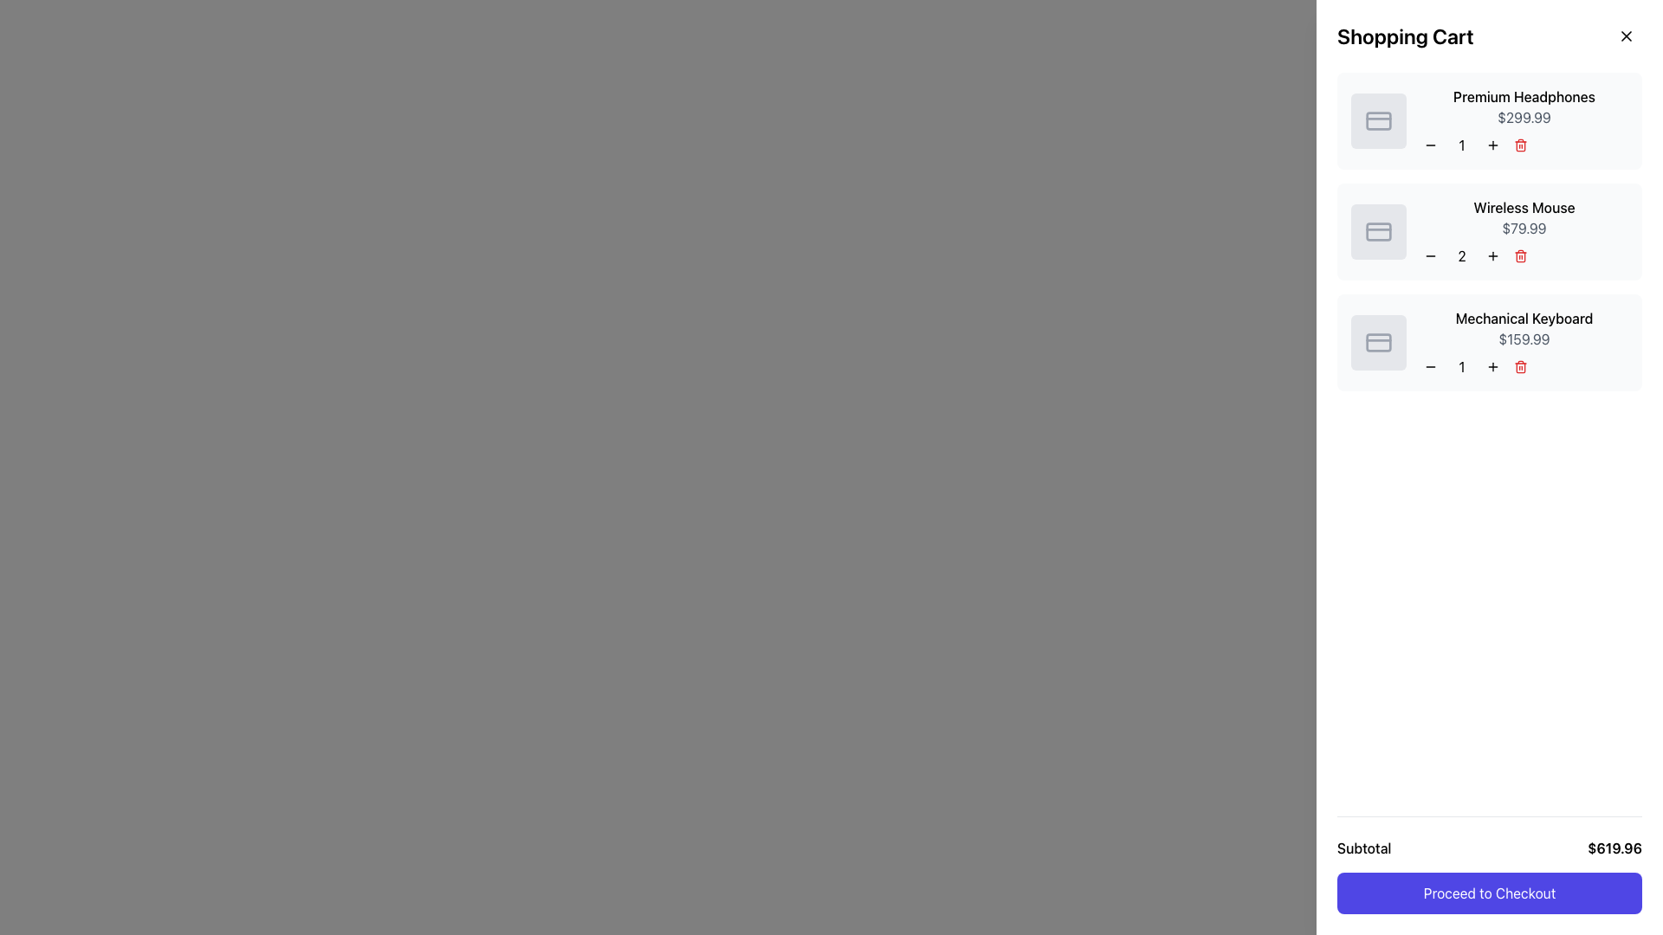 Image resolution: width=1663 pixels, height=935 pixels. I want to click on the text label identifying the first product in the shopping cart as 'Premium Headphones', which is located at the top item block above the price, so click(1524, 96).